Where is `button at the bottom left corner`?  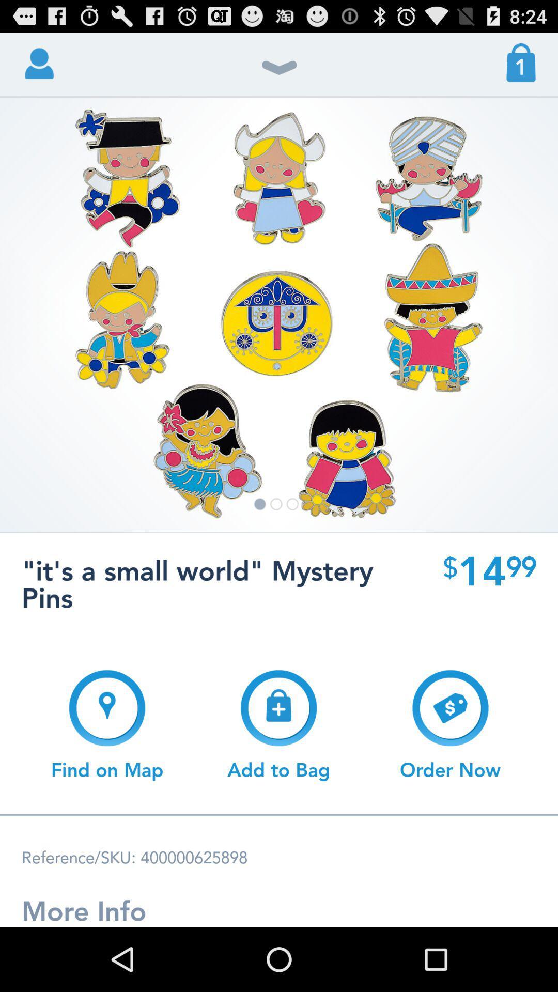 button at the bottom left corner is located at coordinates (107, 724).